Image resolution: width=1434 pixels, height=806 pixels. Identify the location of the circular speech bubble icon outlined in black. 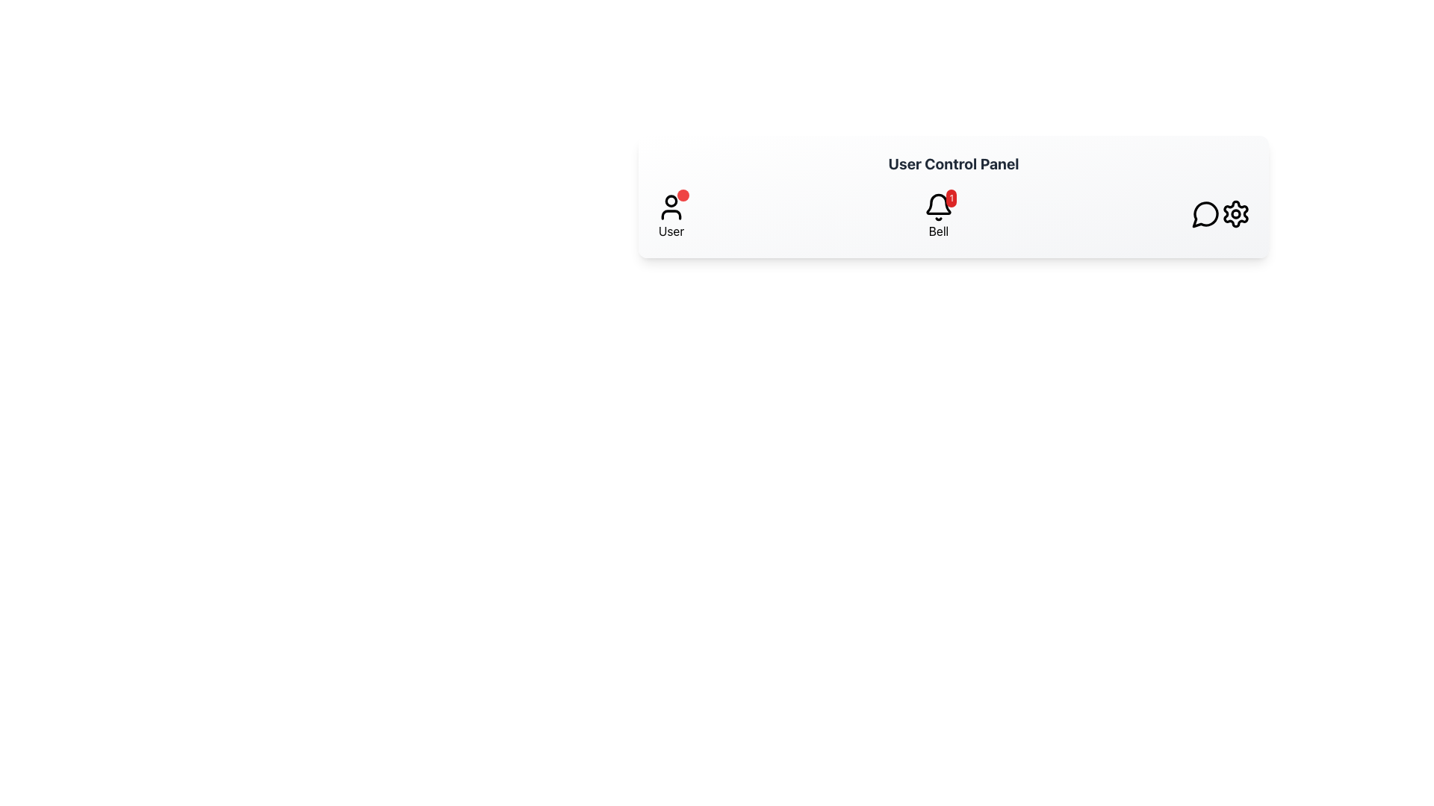
(1205, 213).